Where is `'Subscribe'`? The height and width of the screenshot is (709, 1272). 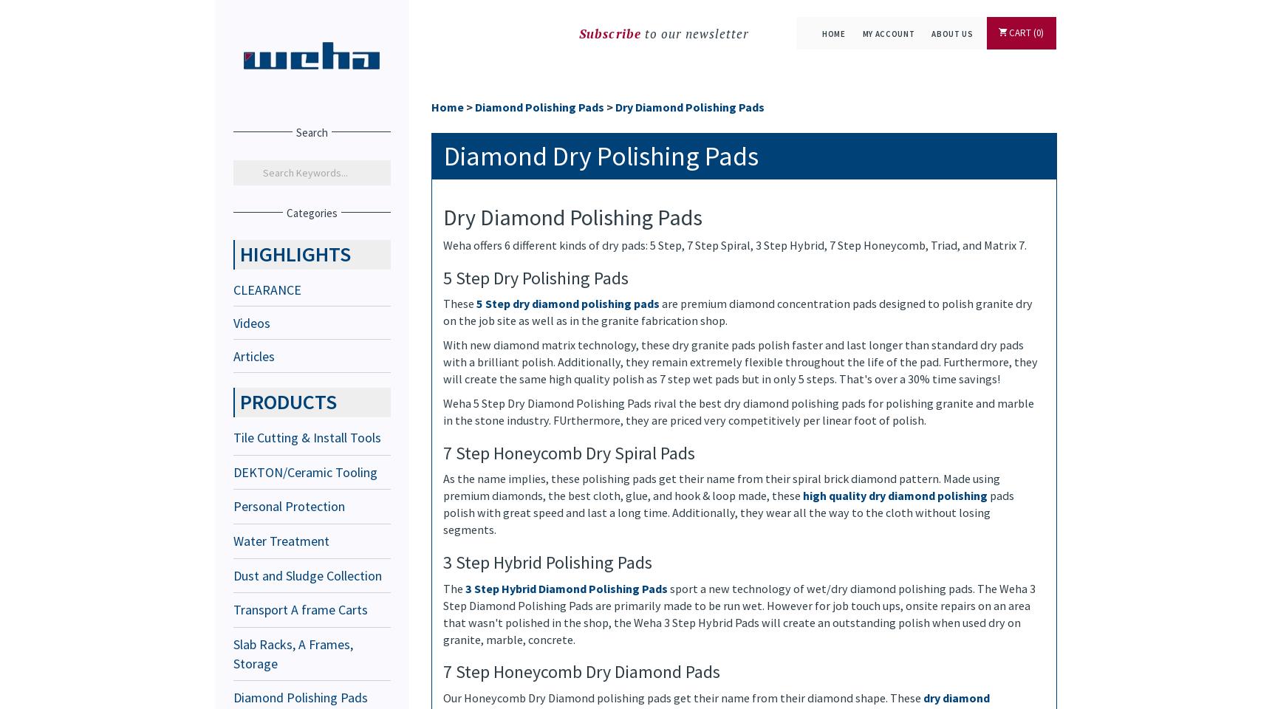
'Subscribe' is located at coordinates (579, 32).